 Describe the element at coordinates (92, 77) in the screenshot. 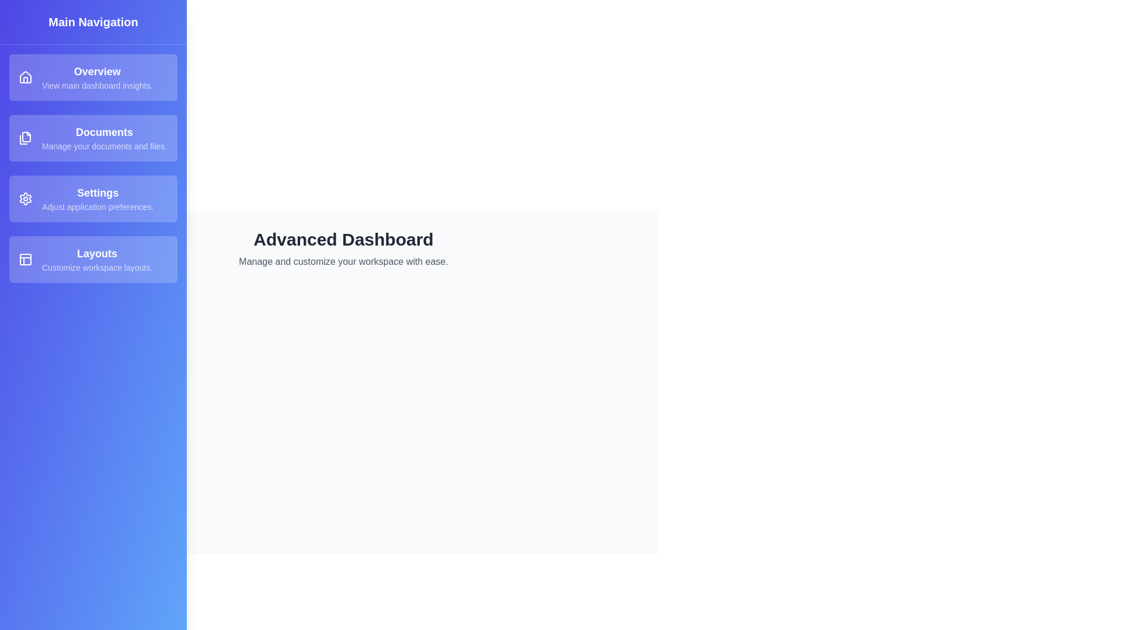

I see `the description of the section Overview` at that location.